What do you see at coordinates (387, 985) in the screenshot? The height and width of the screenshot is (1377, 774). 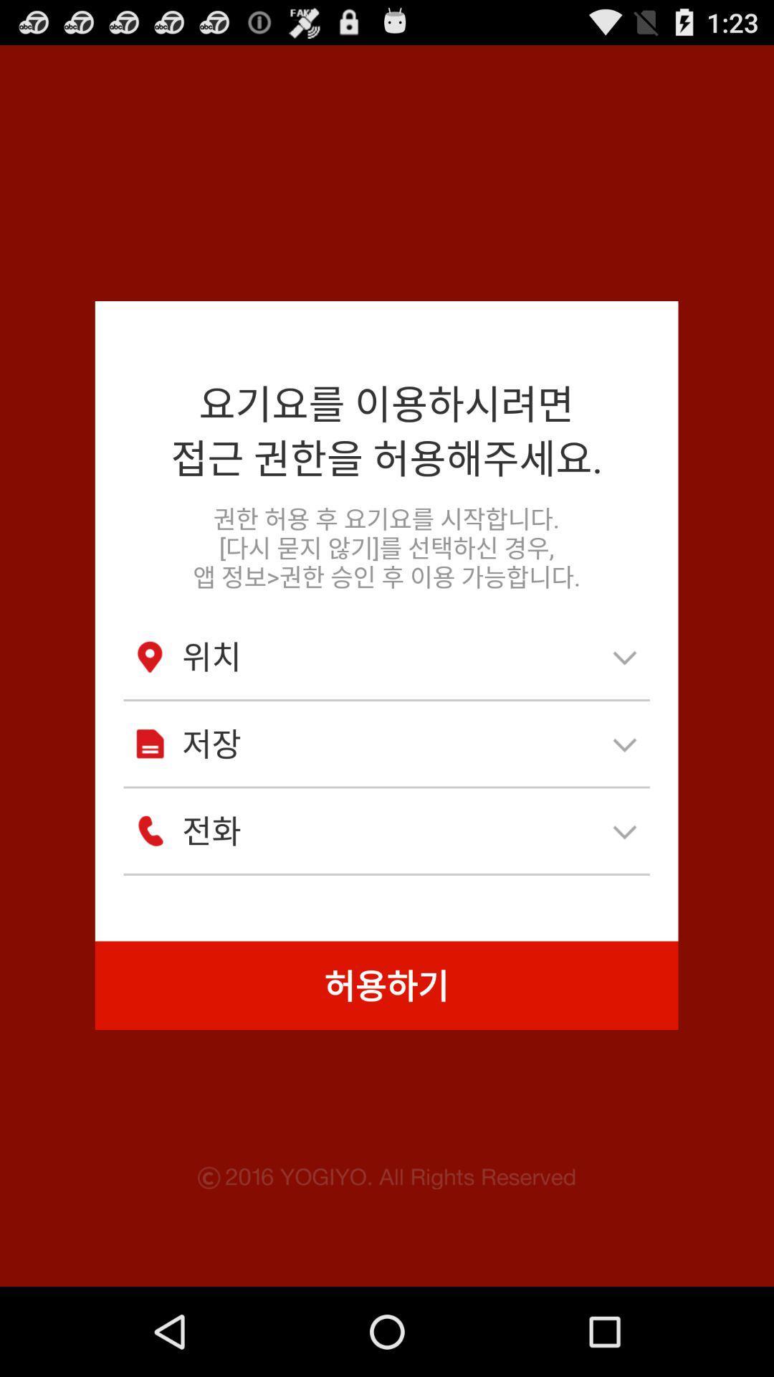 I see `the red colored button at the bottom of the page` at bounding box center [387, 985].